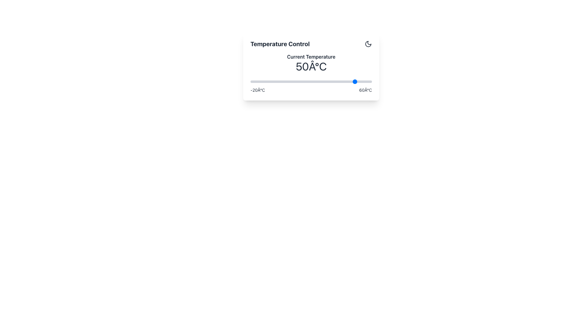 This screenshot has height=328, width=583. Describe the element at coordinates (311, 90) in the screenshot. I see `the static text label displaying the temperature values '-20°C' and '60°C', which is positioned beneath the temperature slider` at that location.